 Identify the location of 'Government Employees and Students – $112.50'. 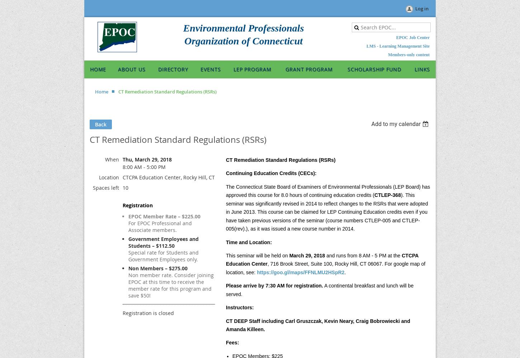
(163, 242).